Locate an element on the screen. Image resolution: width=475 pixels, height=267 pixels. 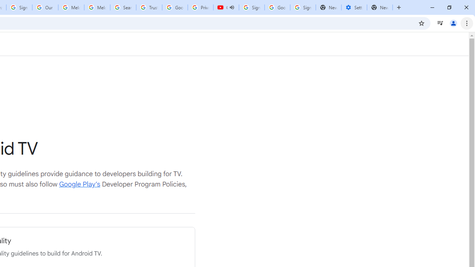
'Settings - Addresses and more' is located at coordinates (354, 7).